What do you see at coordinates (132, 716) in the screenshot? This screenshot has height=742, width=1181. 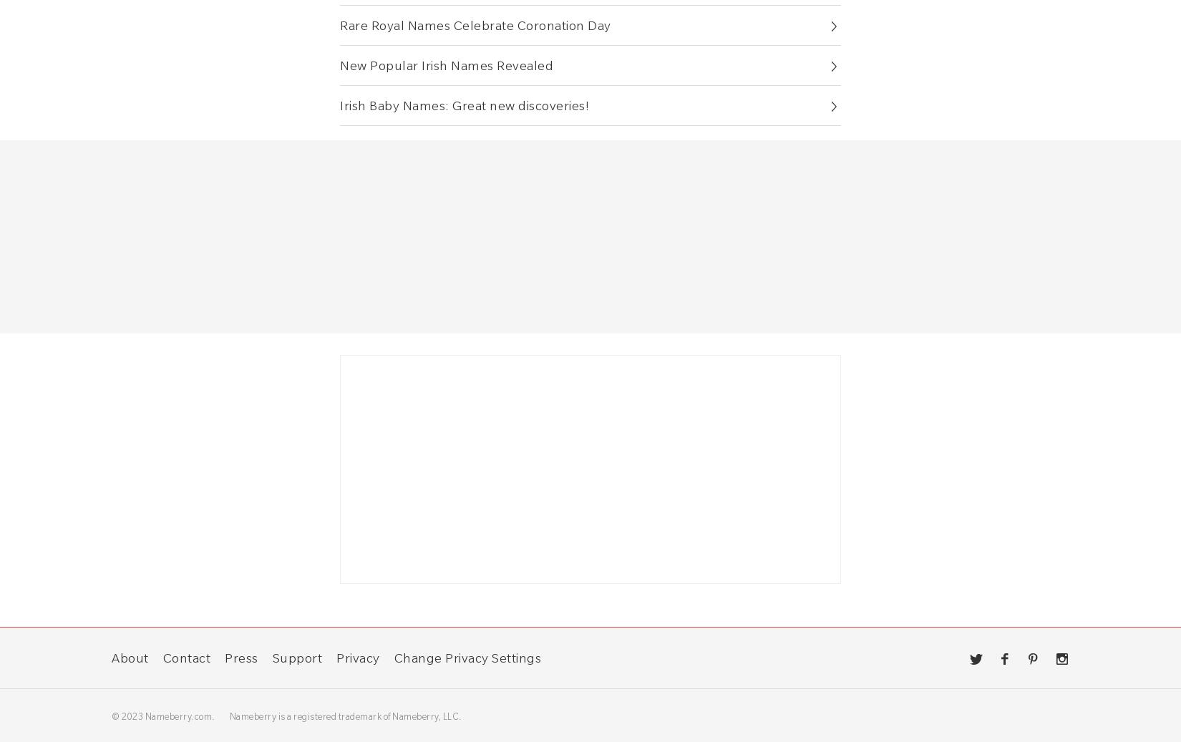 I see `'2023'` at bounding box center [132, 716].